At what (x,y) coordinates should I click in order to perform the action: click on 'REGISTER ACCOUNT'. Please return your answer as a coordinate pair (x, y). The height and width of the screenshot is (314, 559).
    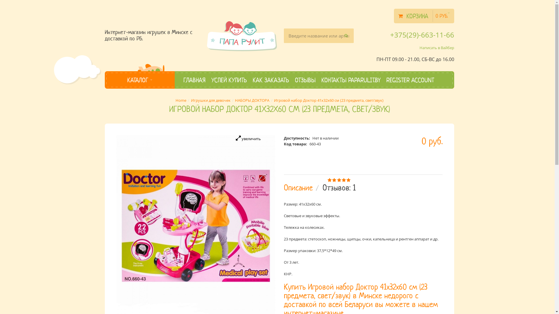
    Looking at the image, I should click on (386, 80).